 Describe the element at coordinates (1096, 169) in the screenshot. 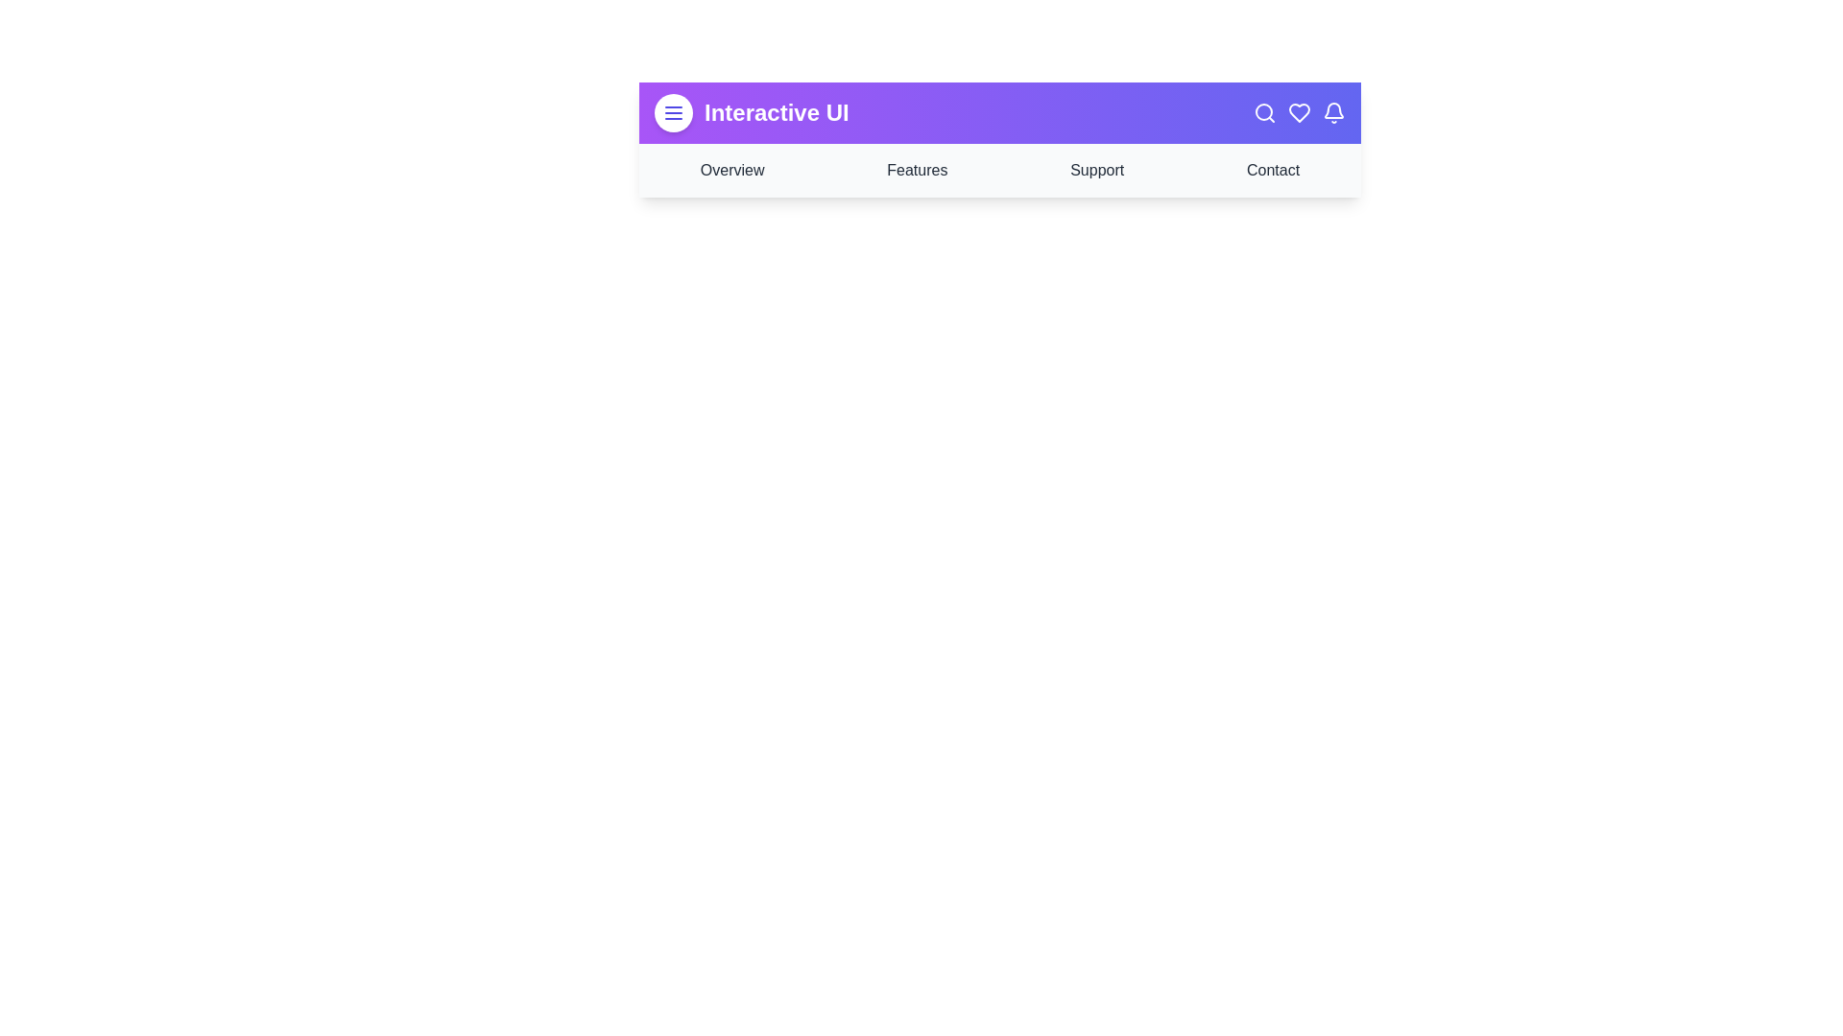

I see `the navigation bar item labeled 'Support'` at that location.